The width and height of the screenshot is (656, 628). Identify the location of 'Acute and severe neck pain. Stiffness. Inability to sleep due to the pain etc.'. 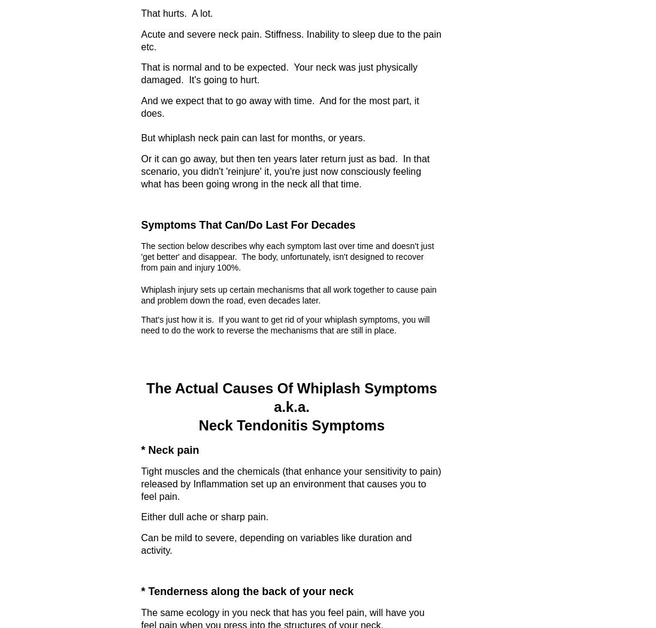
(140, 40).